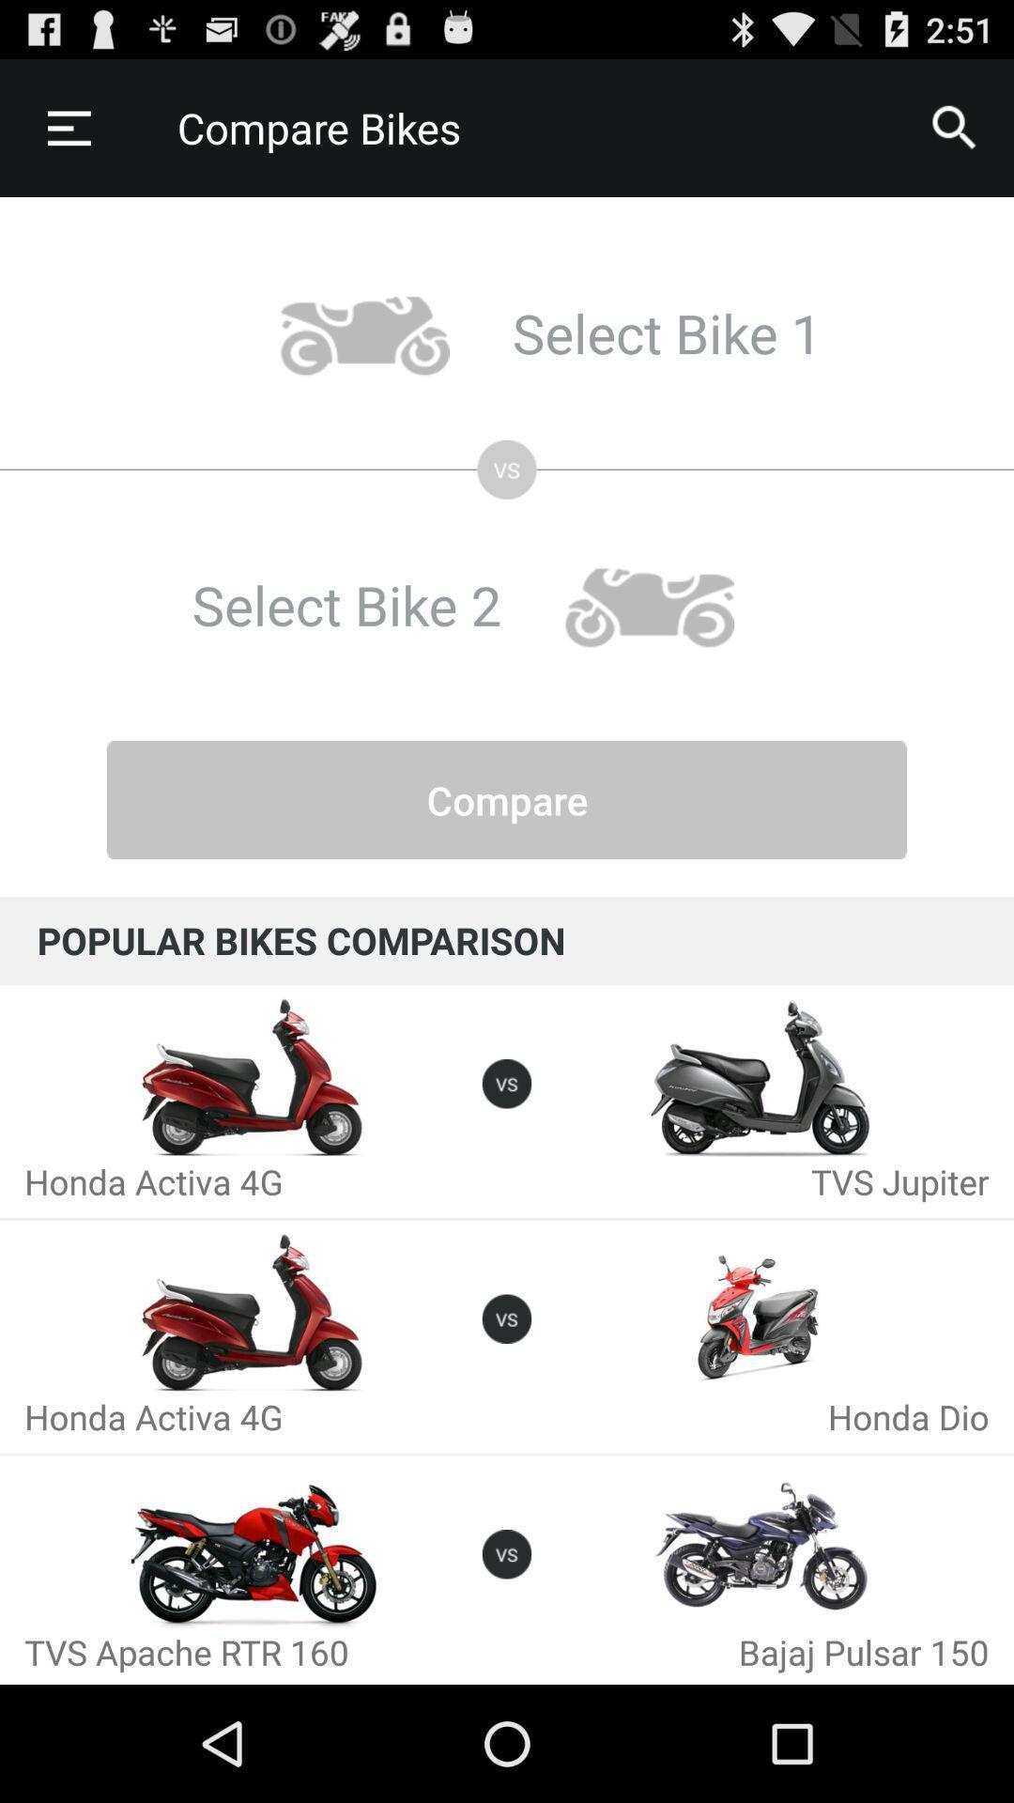 The image size is (1014, 1803). Describe the element at coordinates (955, 127) in the screenshot. I see `the item at the top right corner` at that location.